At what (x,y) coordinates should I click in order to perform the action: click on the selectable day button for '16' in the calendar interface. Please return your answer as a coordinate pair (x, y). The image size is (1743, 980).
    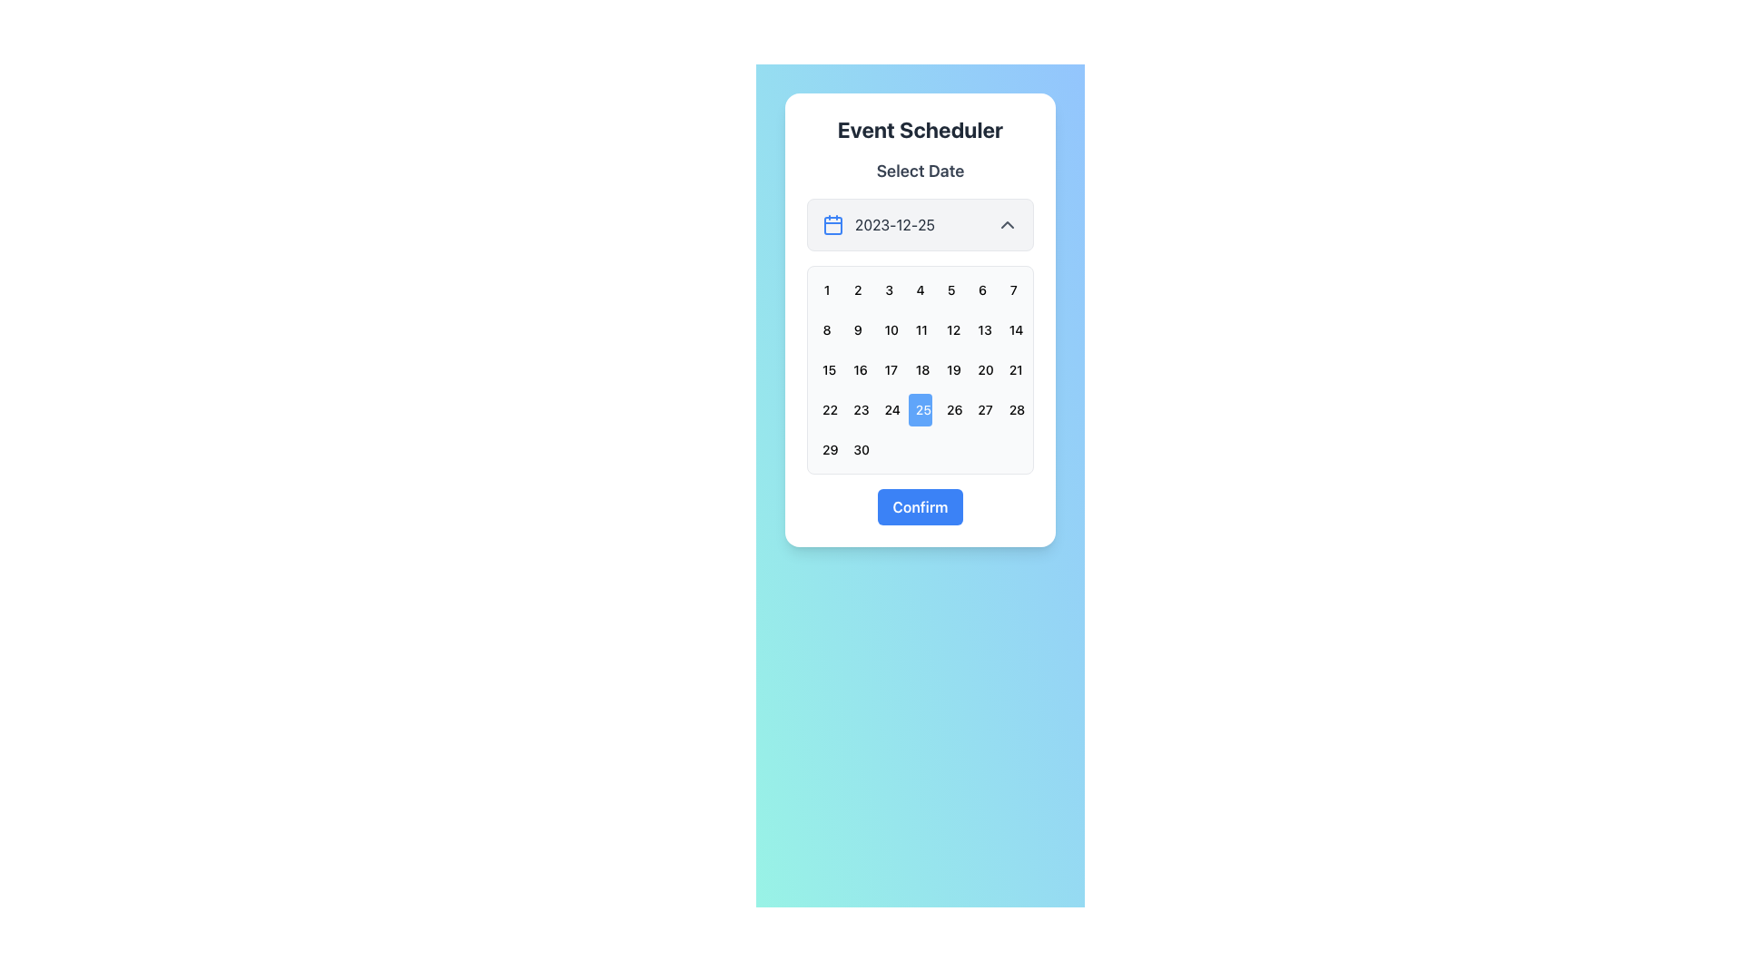
    Looking at the image, I should click on (857, 369).